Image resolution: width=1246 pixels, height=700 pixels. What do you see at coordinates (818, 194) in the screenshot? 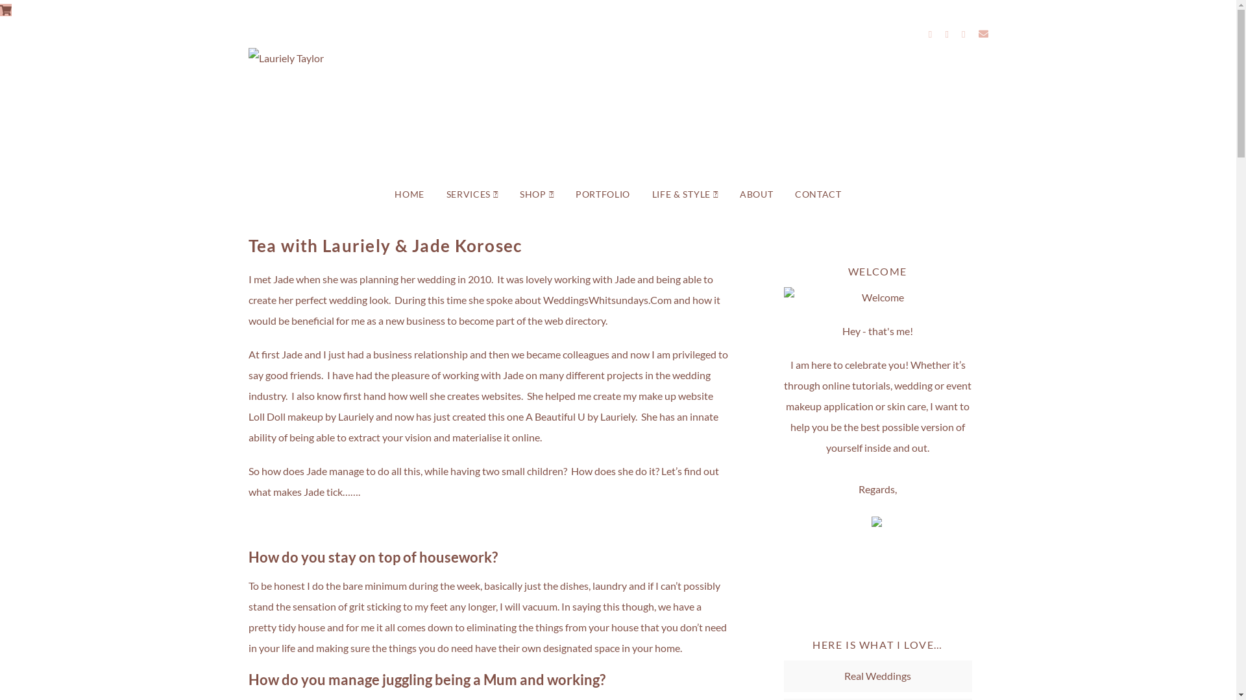
I see `'CONTACT'` at bounding box center [818, 194].